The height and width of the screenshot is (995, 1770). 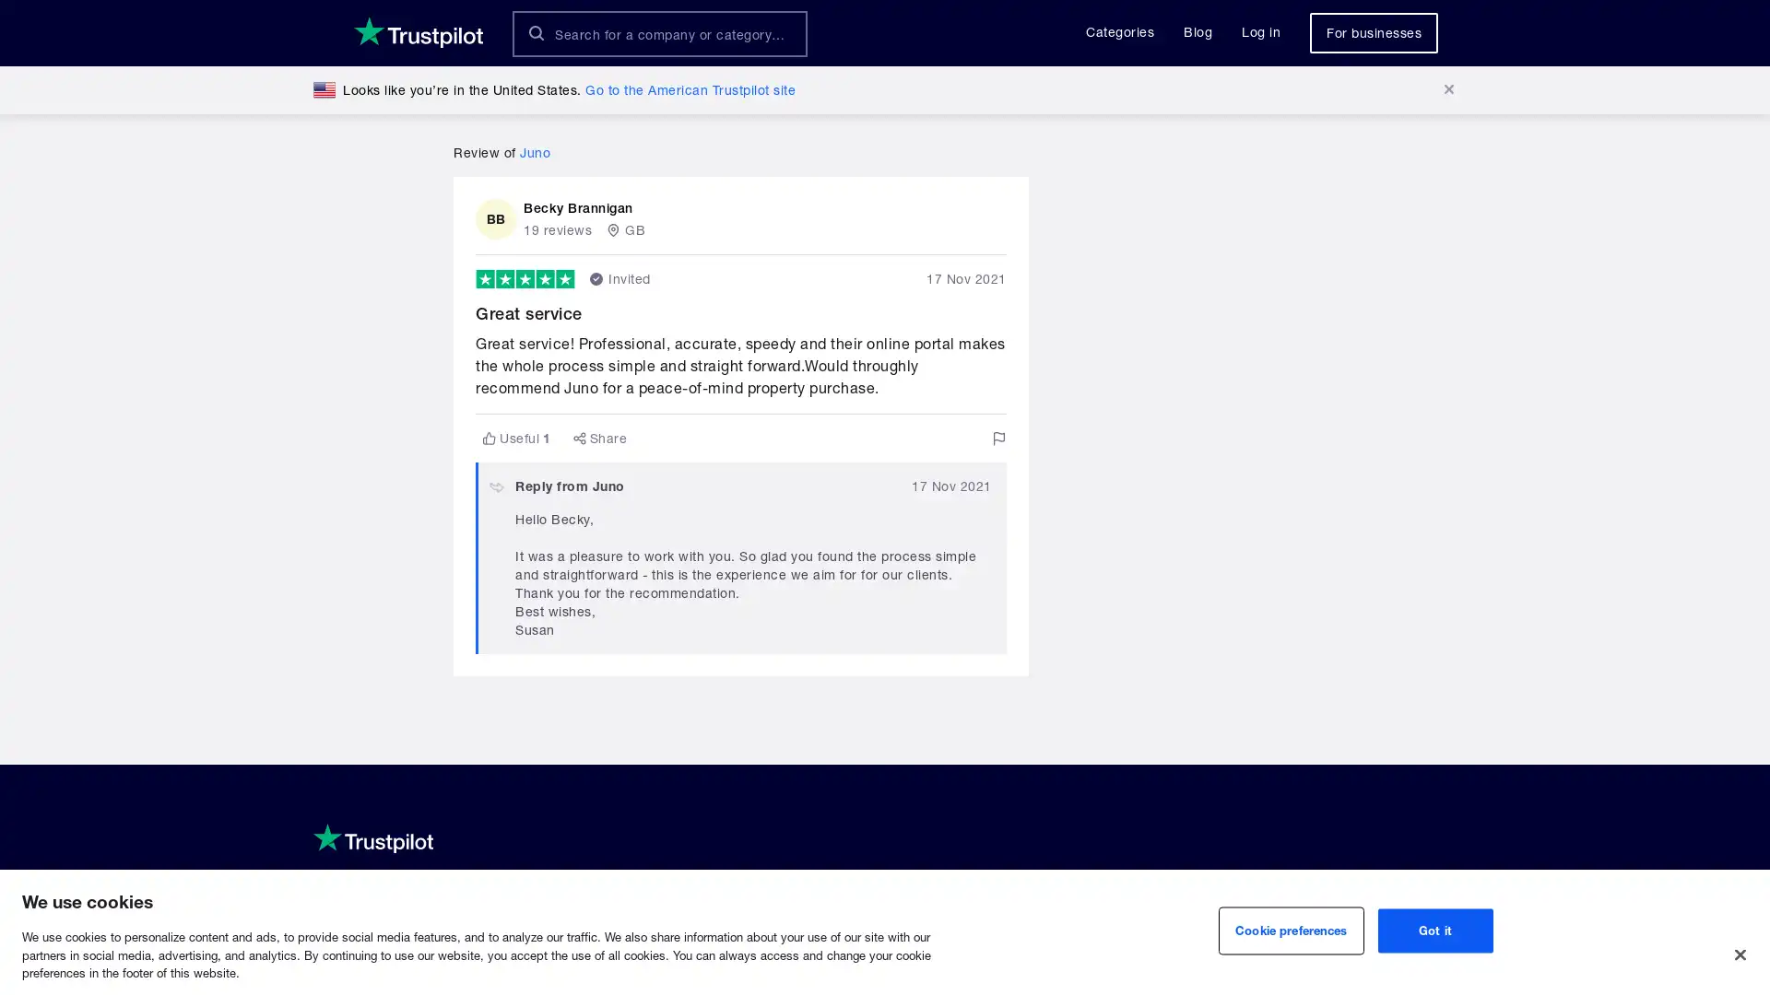 I want to click on Close, so click(x=1739, y=954).